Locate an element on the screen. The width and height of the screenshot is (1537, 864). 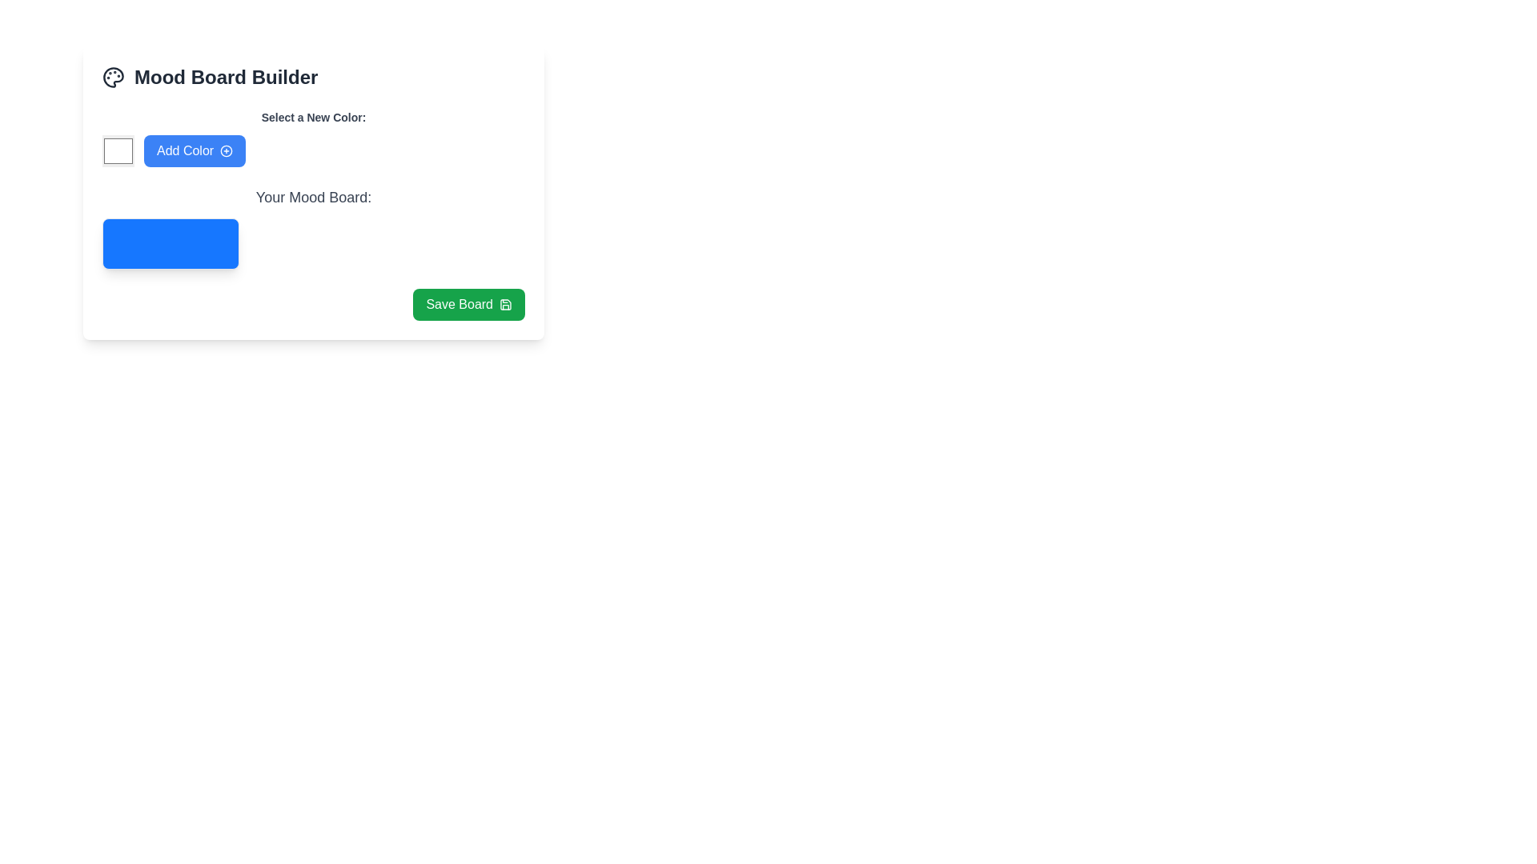
the save disk part of the save button icon located at the bottom-right corner of the interface is located at coordinates (505, 305).